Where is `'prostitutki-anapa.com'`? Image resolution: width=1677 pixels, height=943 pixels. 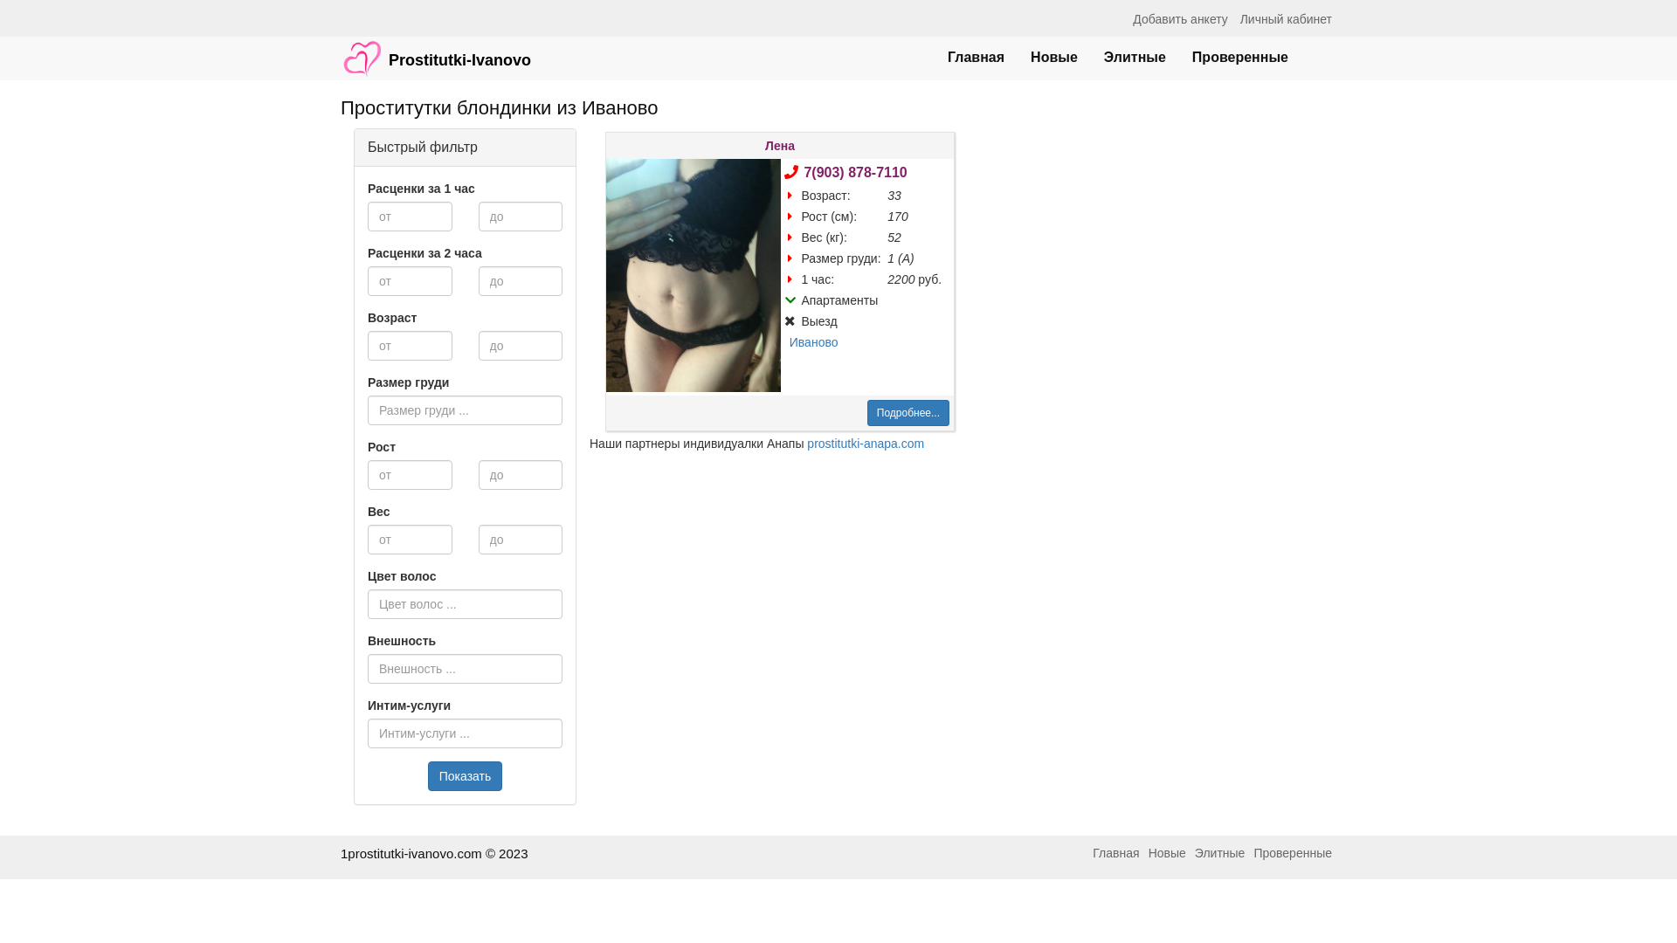 'prostitutki-anapa.com' is located at coordinates (865, 443).